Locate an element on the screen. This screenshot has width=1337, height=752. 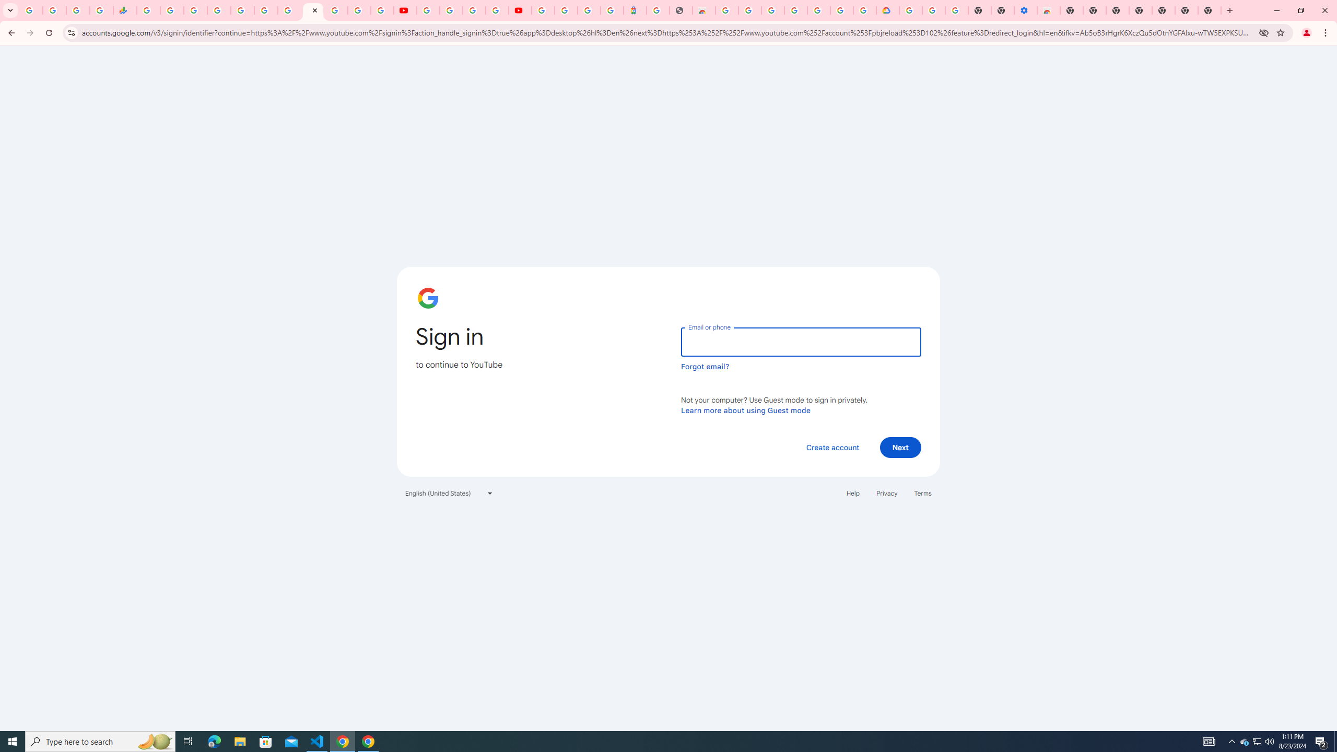
'Atour Hotel - Google hotels' is located at coordinates (635, 10).